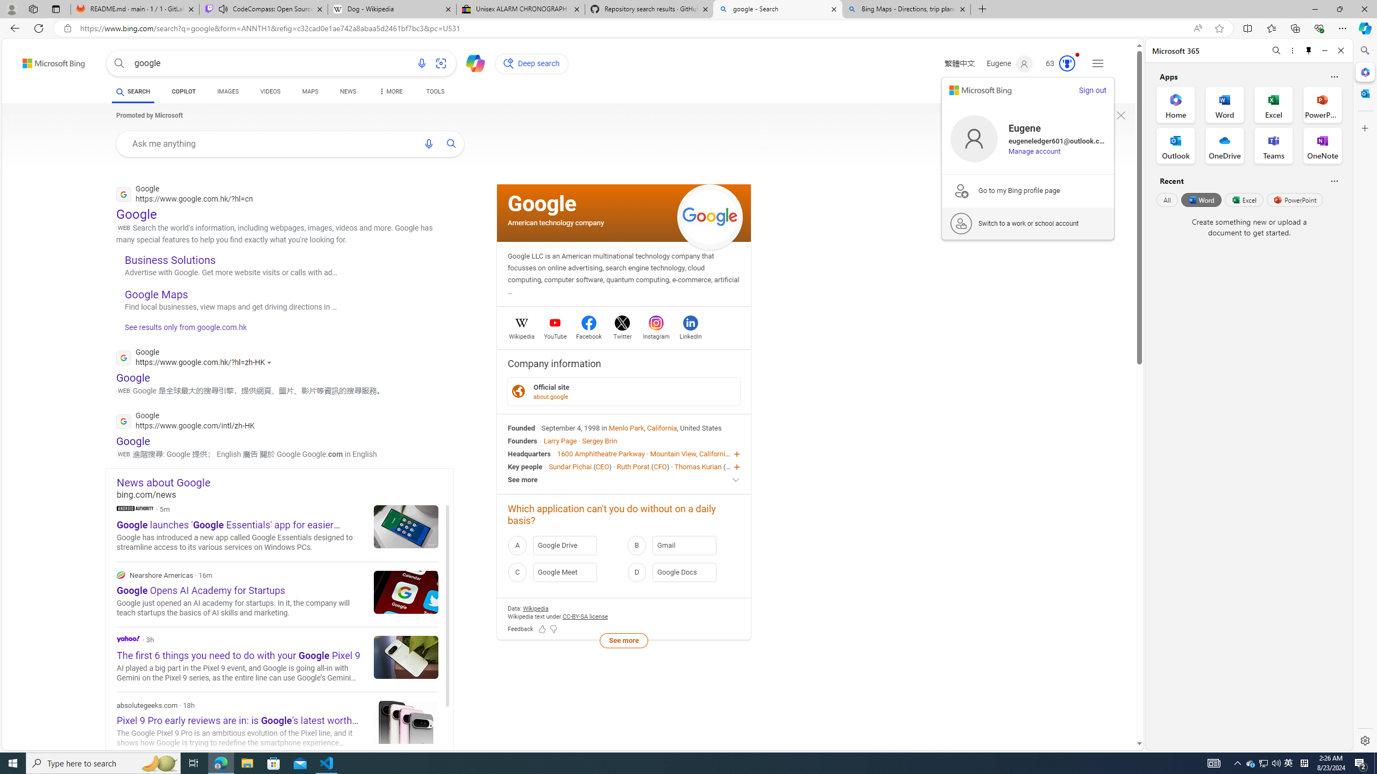 This screenshot has height=774, width=1377. Describe the element at coordinates (1364, 127) in the screenshot. I see `'Customize'` at that location.